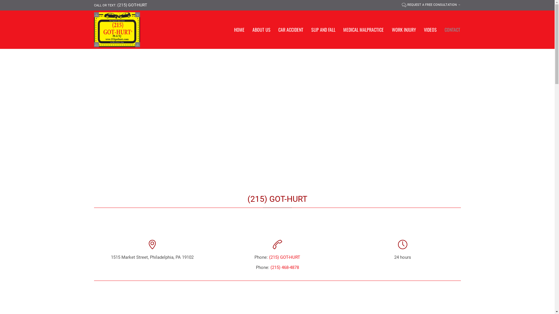 The width and height of the screenshot is (559, 314). I want to click on 'CAR ACCIDENT', so click(275, 29).